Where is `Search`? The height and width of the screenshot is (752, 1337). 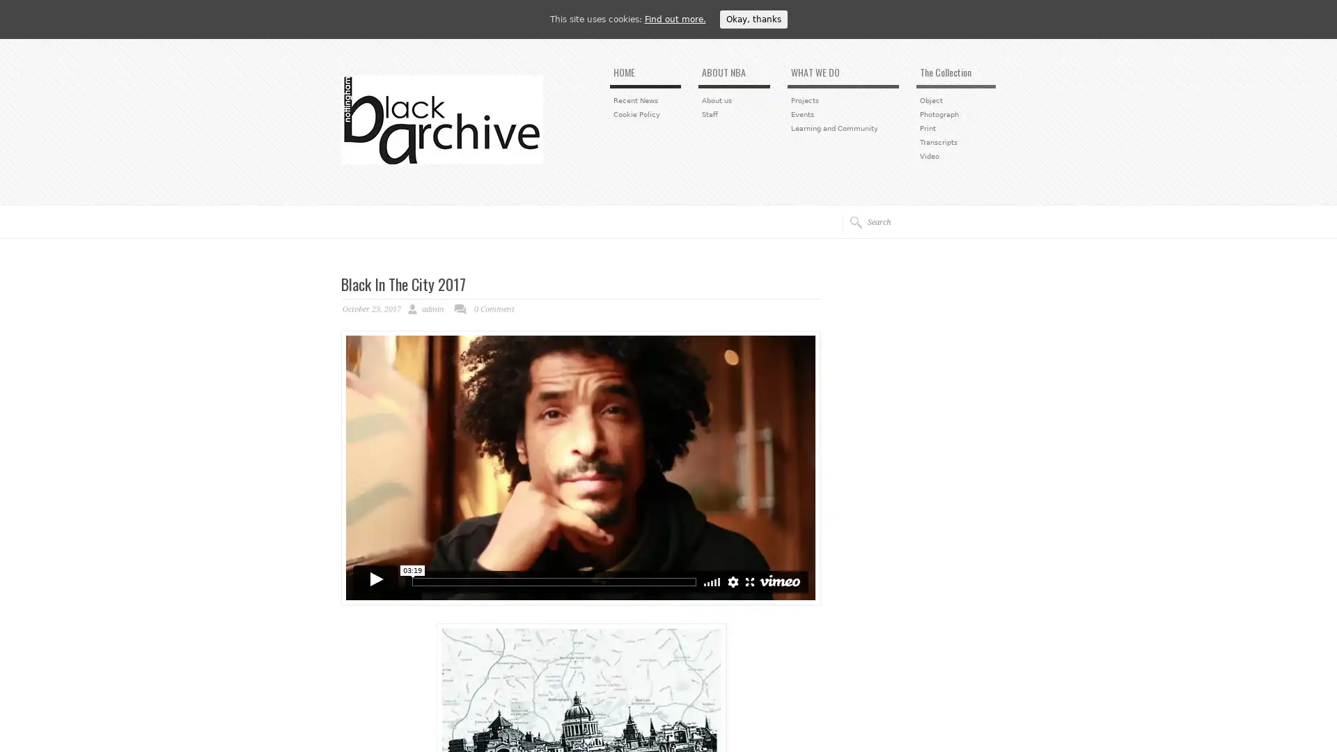 Search is located at coordinates (851, 221).